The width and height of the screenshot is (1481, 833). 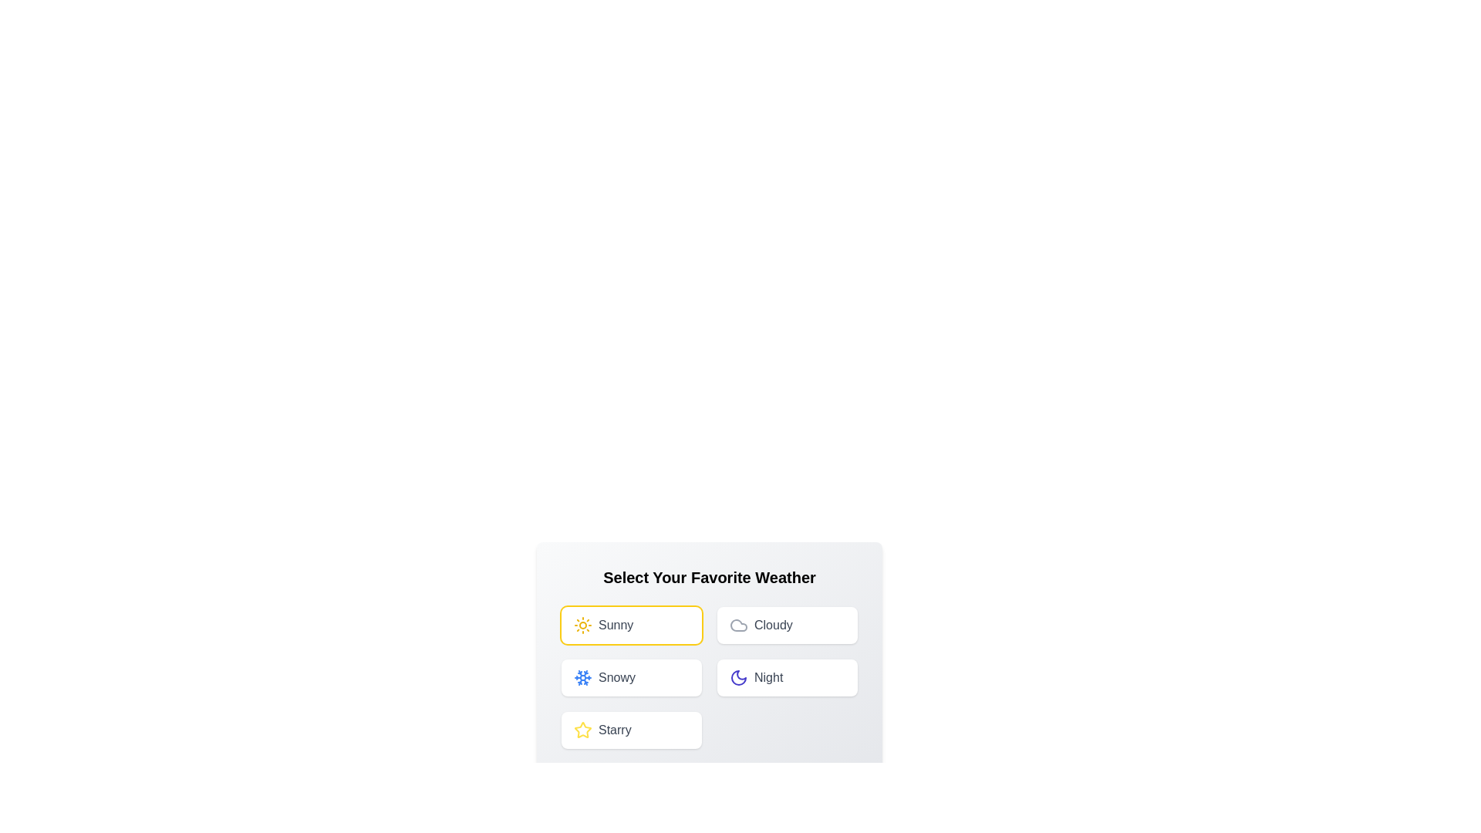 What do you see at coordinates (788, 677) in the screenshot?
I see `the 'Night' button in the weather selection interface` at bounding box center [788, 677].